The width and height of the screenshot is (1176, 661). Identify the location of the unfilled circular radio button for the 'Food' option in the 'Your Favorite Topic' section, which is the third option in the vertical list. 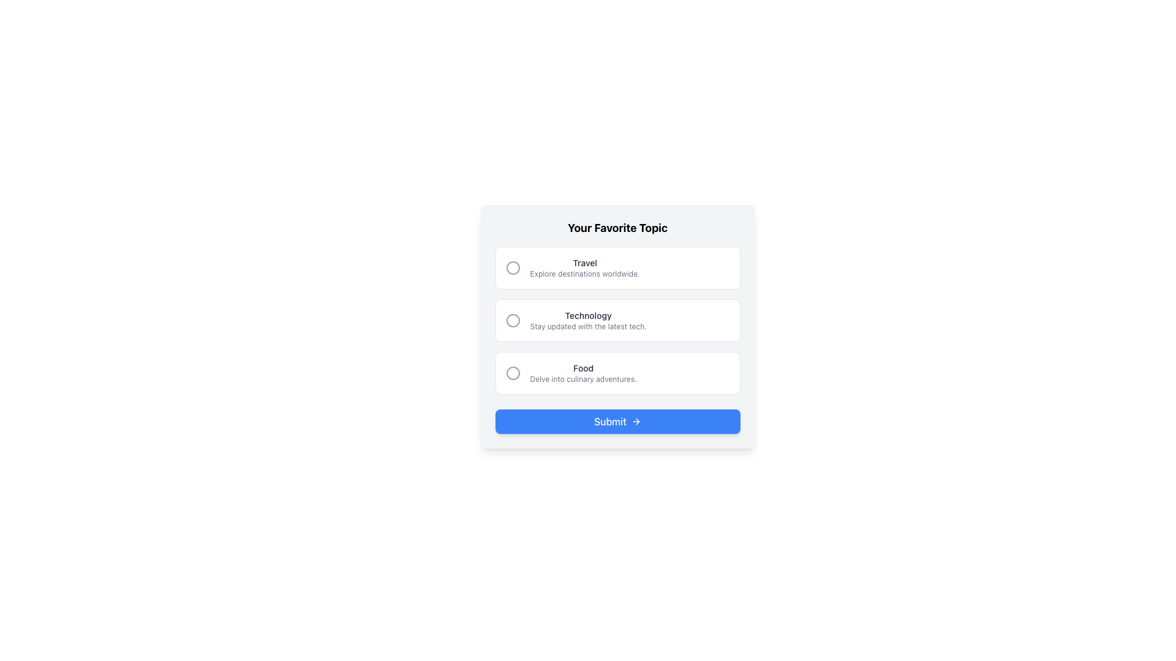
(513, 372).